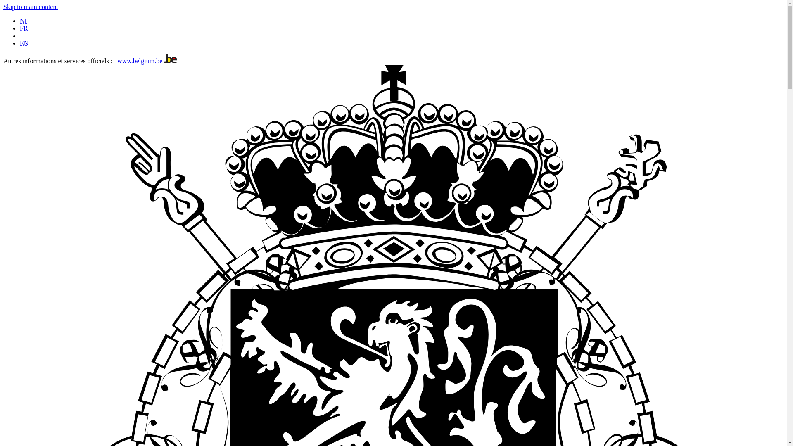  What do you see at coordinates (147, 60) in the screenshot?
I see `'www.belgium.be'` at bounding box center [147, 60].